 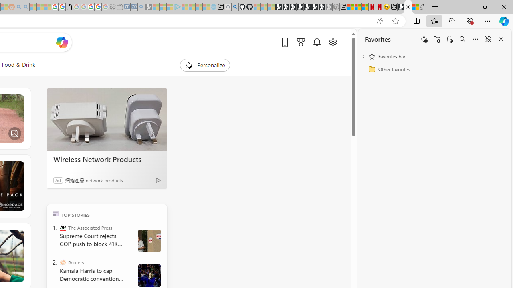 What do you see at coordinates (436, 39) in the screenshot?
I see `'Add folder'` at bounding box center [436, 39].